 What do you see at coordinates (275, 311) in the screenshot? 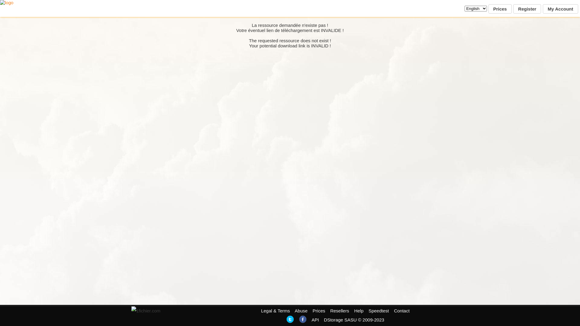
I see `'Legal & Terms'` at bounding box center [275, 311].